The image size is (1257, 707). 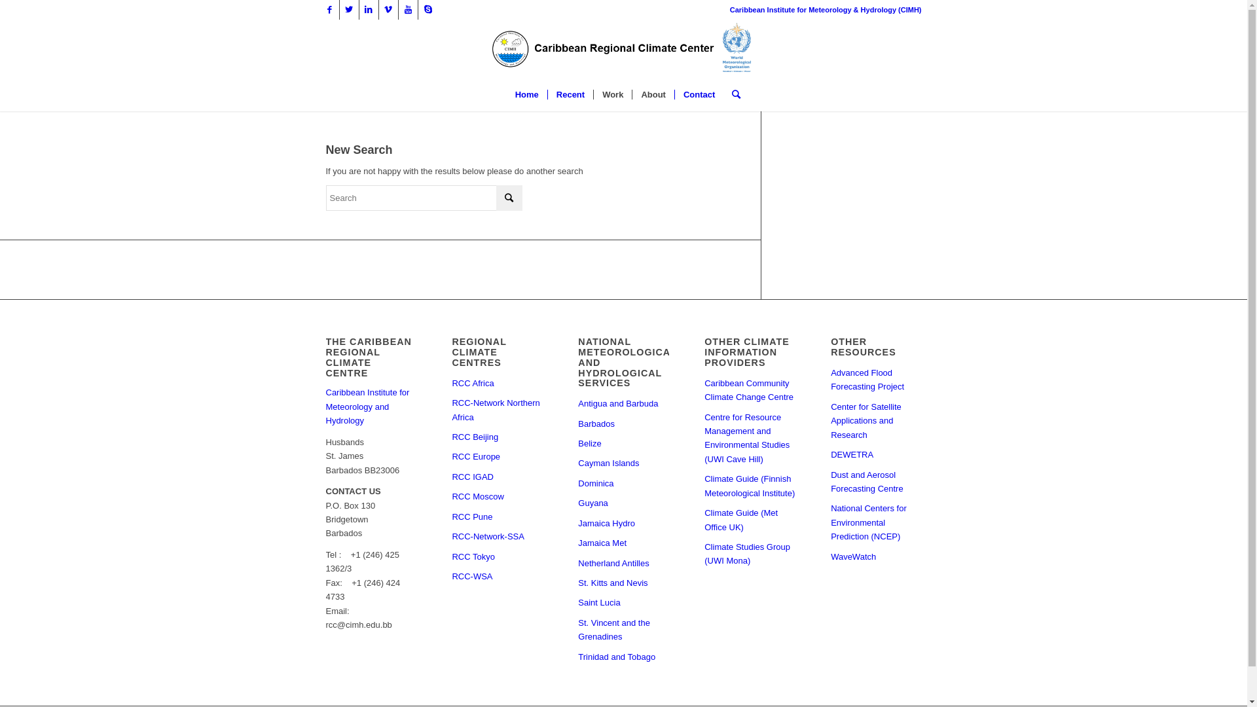 What do you see at coordinates (825, 10) in the screenshot?
I see `'Caribbean Institute for Meteorology & Hydrology (CIMH)'` at bounding box center [825, 10].